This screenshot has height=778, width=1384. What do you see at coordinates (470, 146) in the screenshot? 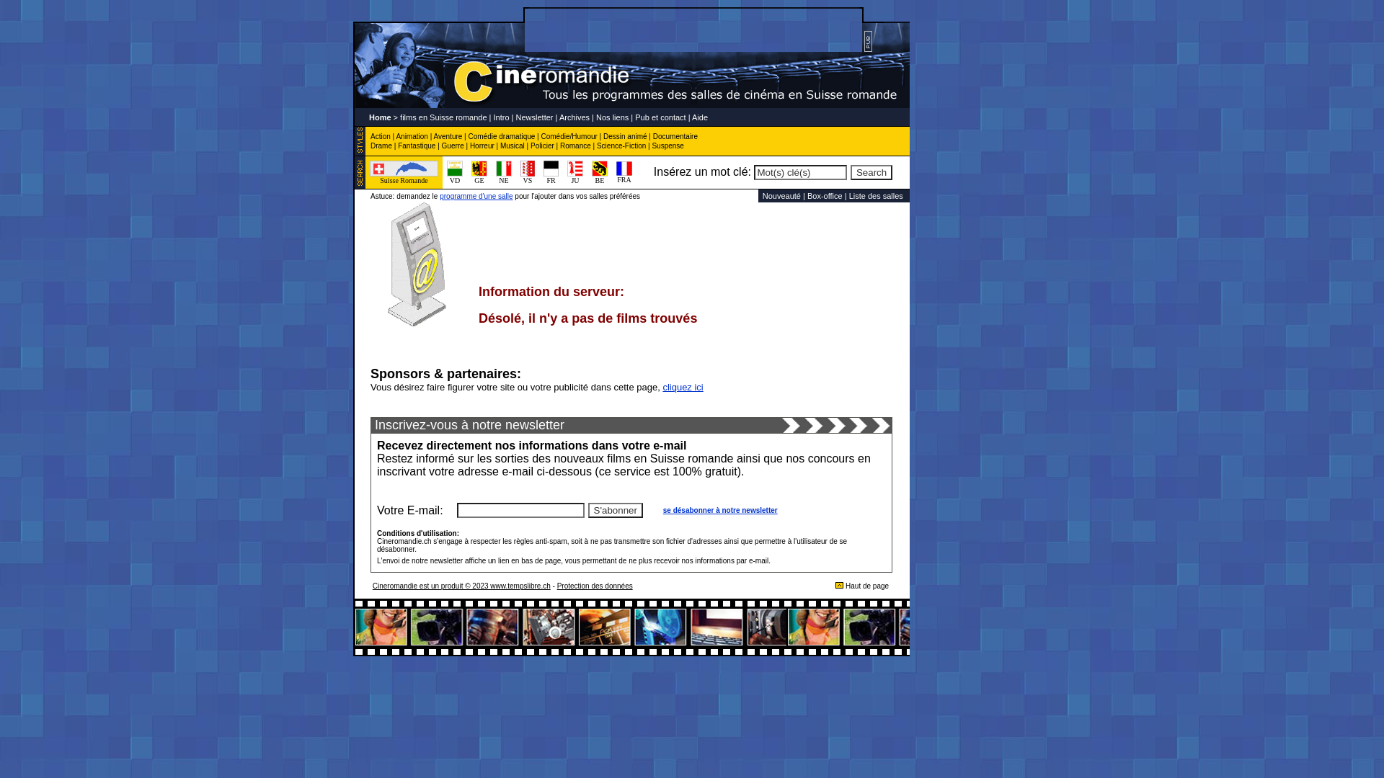
I see `'Horreur'` at bounding box center [470, 146].